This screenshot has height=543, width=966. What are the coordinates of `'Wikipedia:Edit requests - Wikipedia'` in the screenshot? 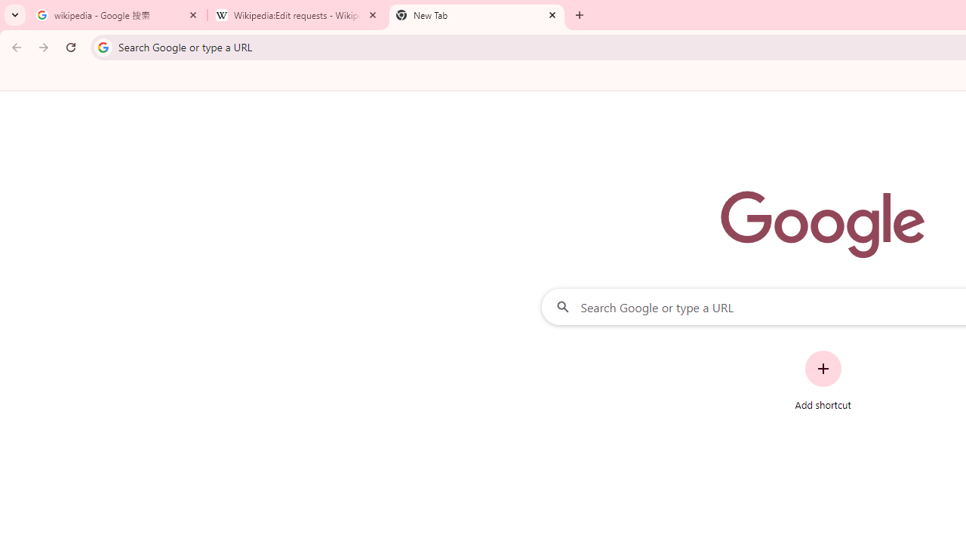 It's located at (297, 15).